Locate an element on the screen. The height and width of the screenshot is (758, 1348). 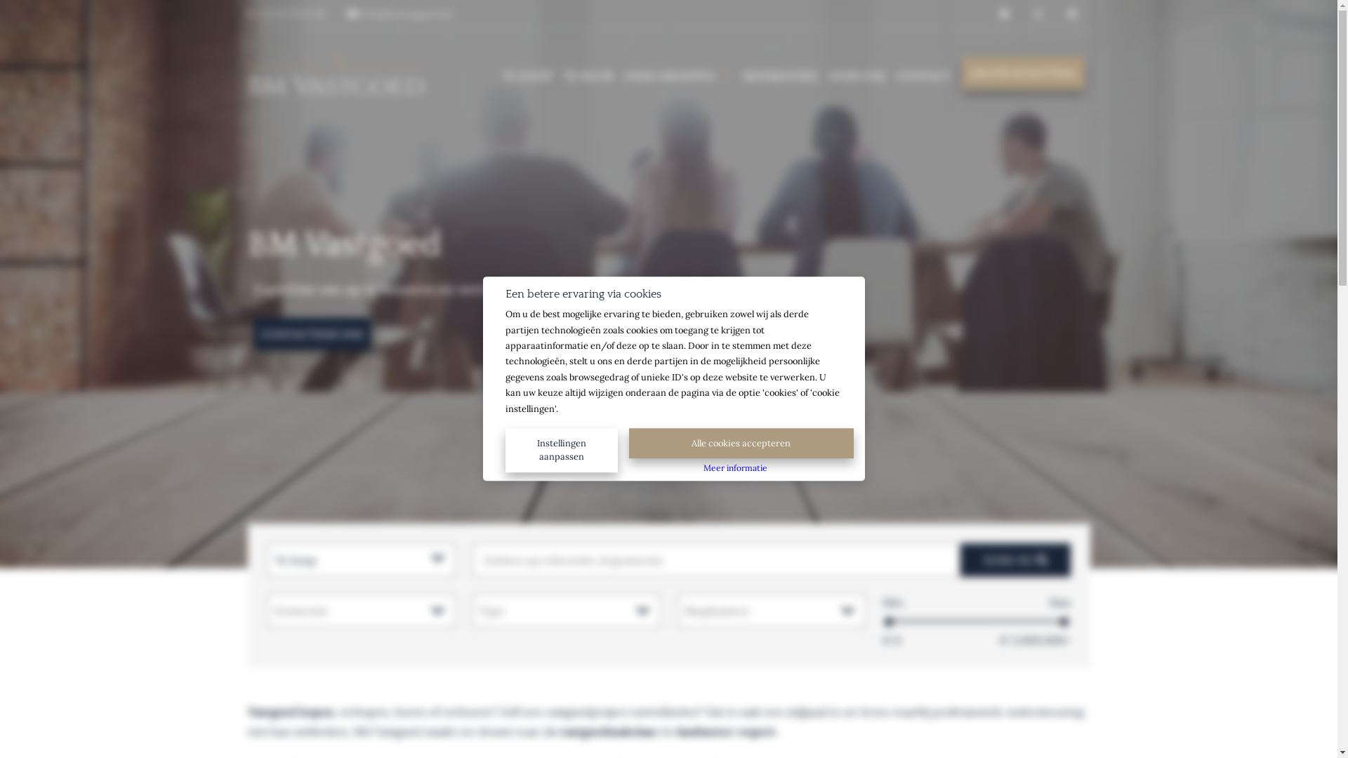
'GRATIS SCHATTING' is located at coordinates (1023, 73).